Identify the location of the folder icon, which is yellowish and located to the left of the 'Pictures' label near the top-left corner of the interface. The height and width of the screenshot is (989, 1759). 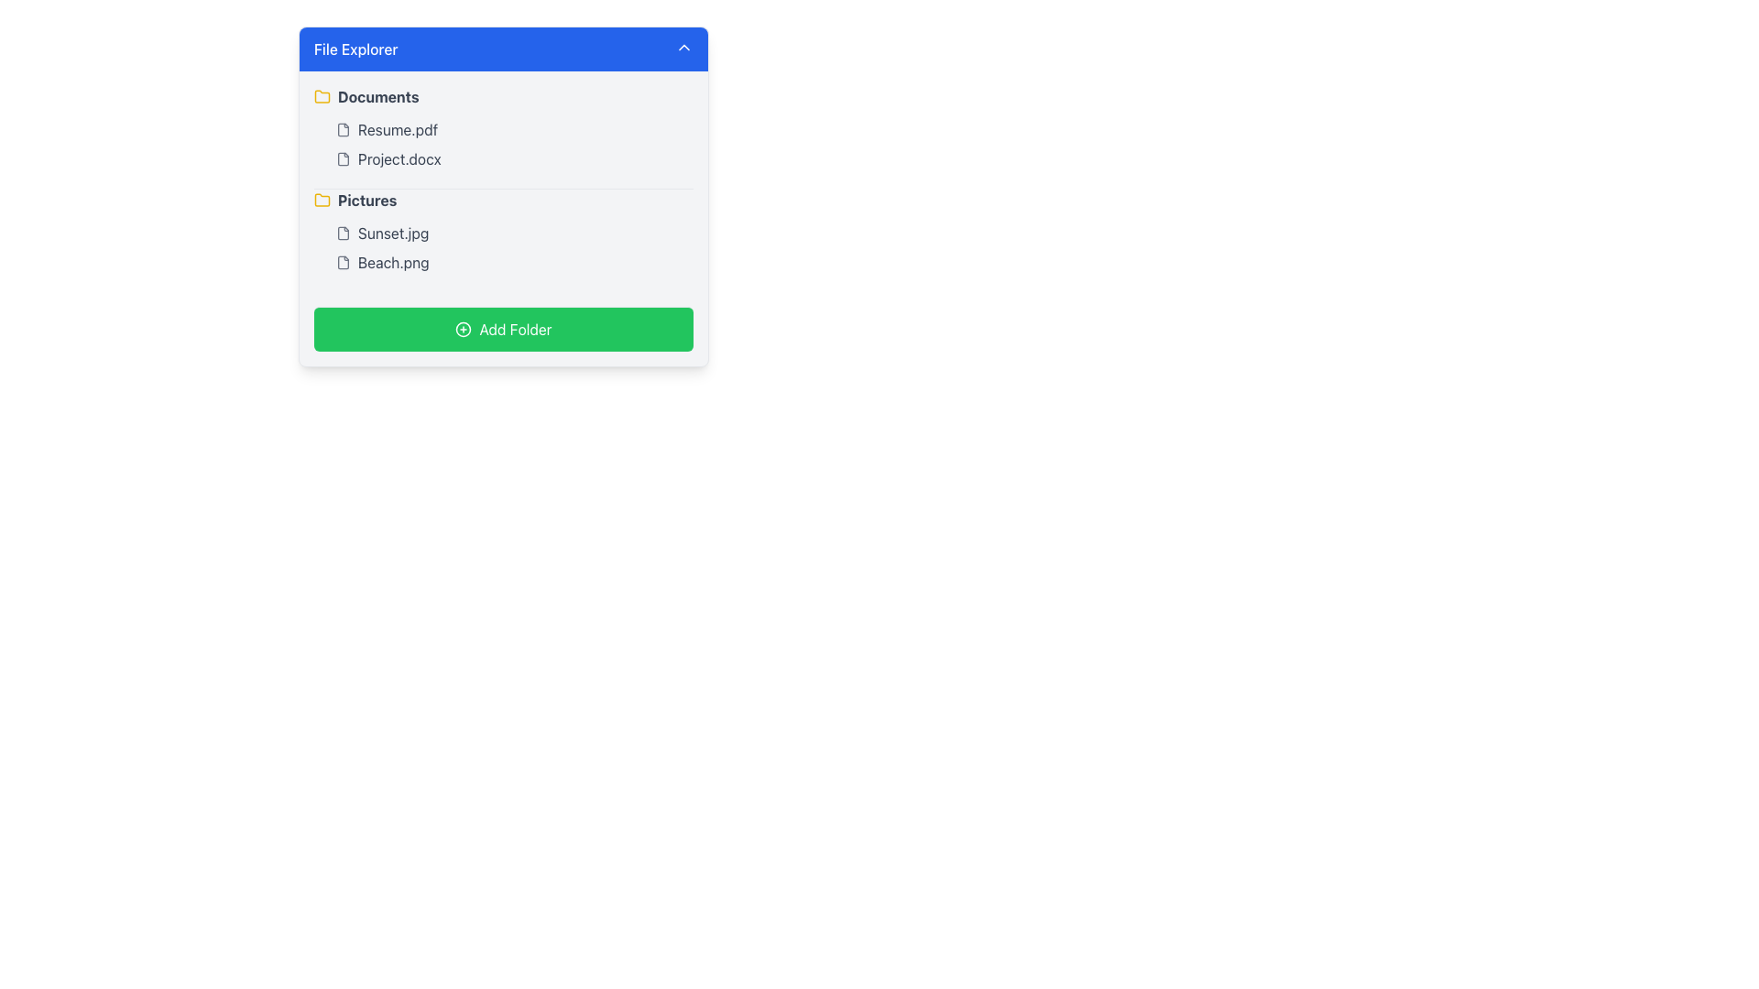
(322, 96).